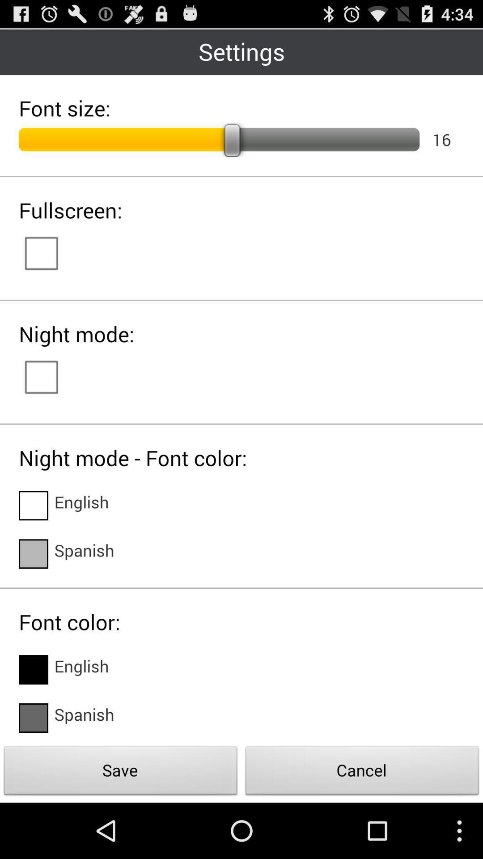 Image resolution: width=483 pixels, height=859 pixels. Describe the element at coordinates (50, 252) in the screenshot. I see `full screen mode` at that location.